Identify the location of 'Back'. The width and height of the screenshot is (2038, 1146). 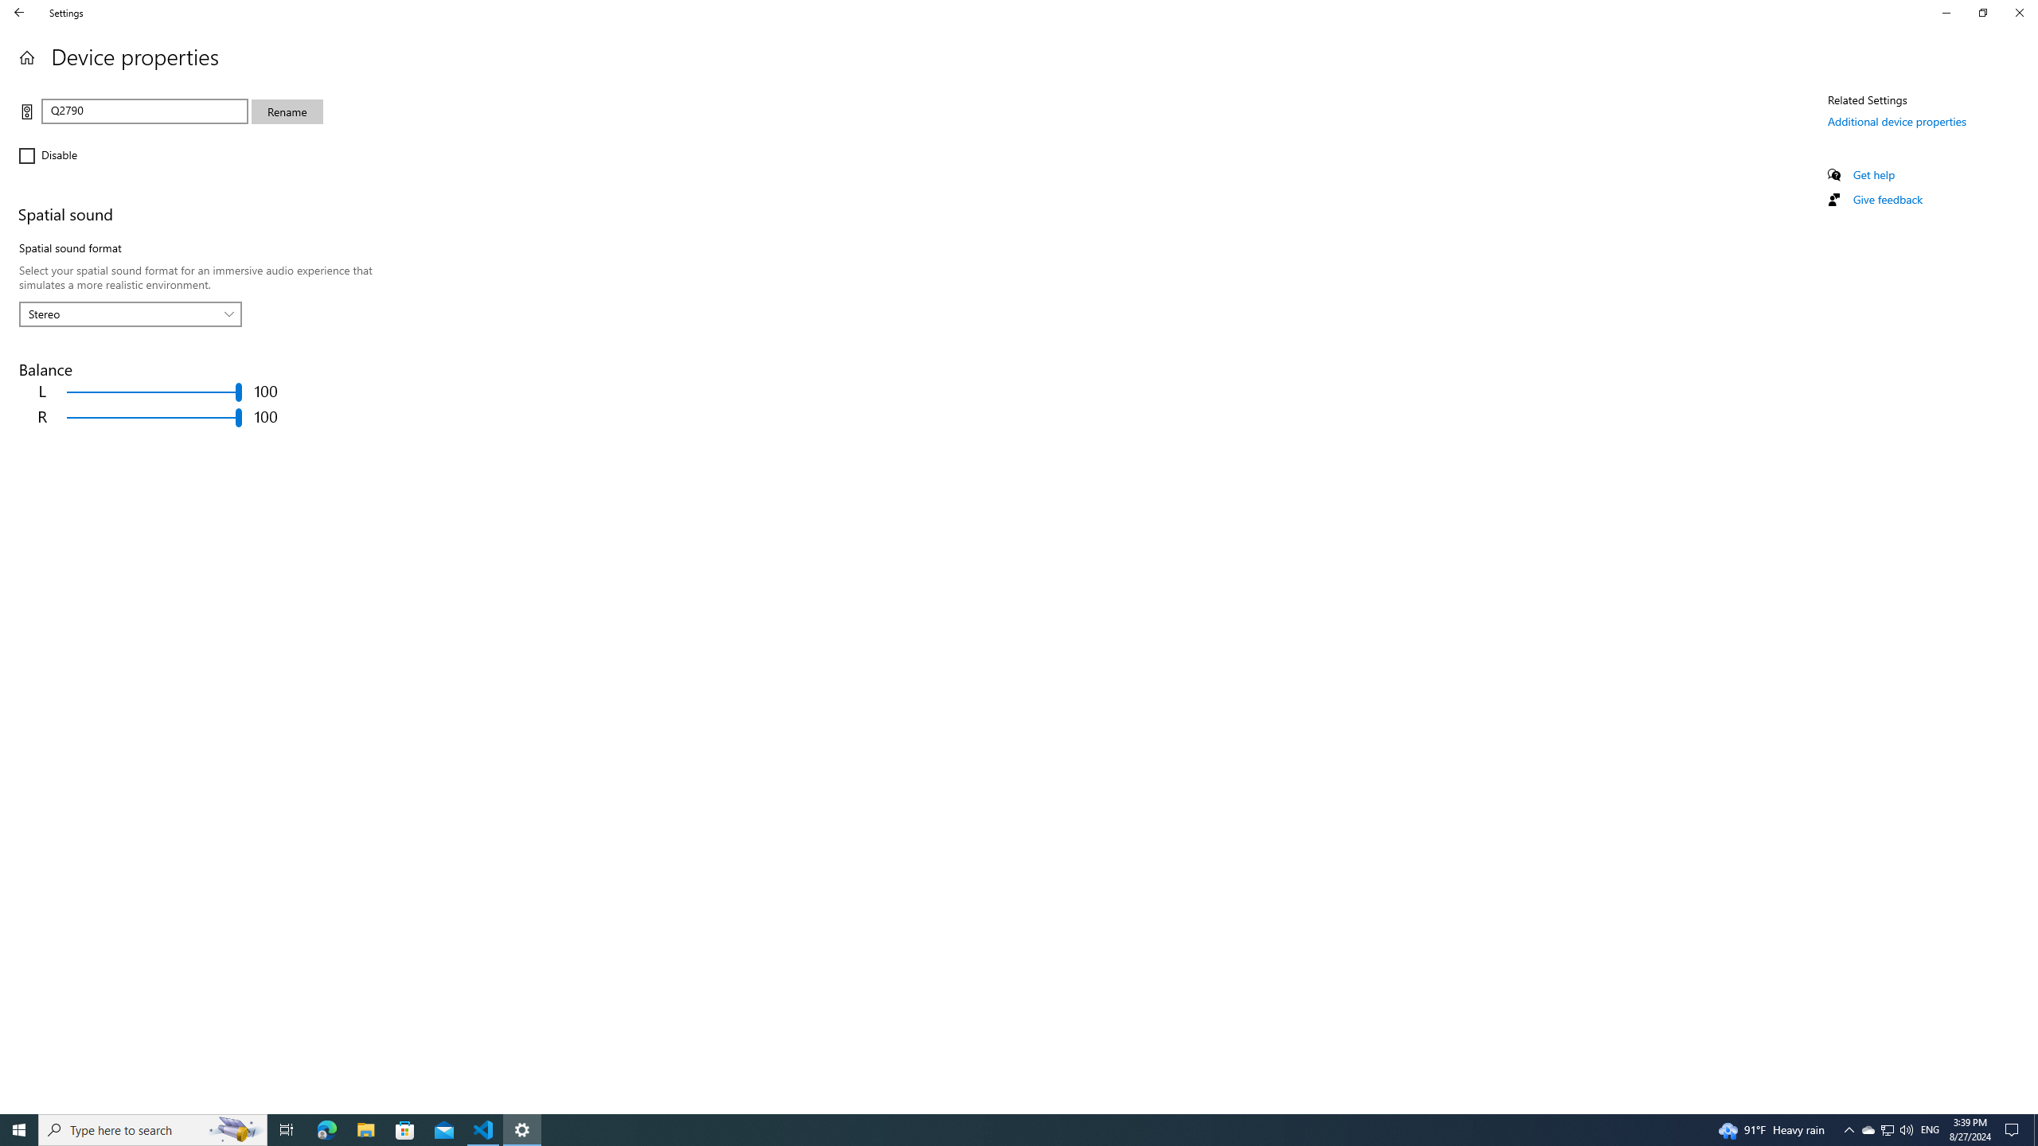
(19, 12).